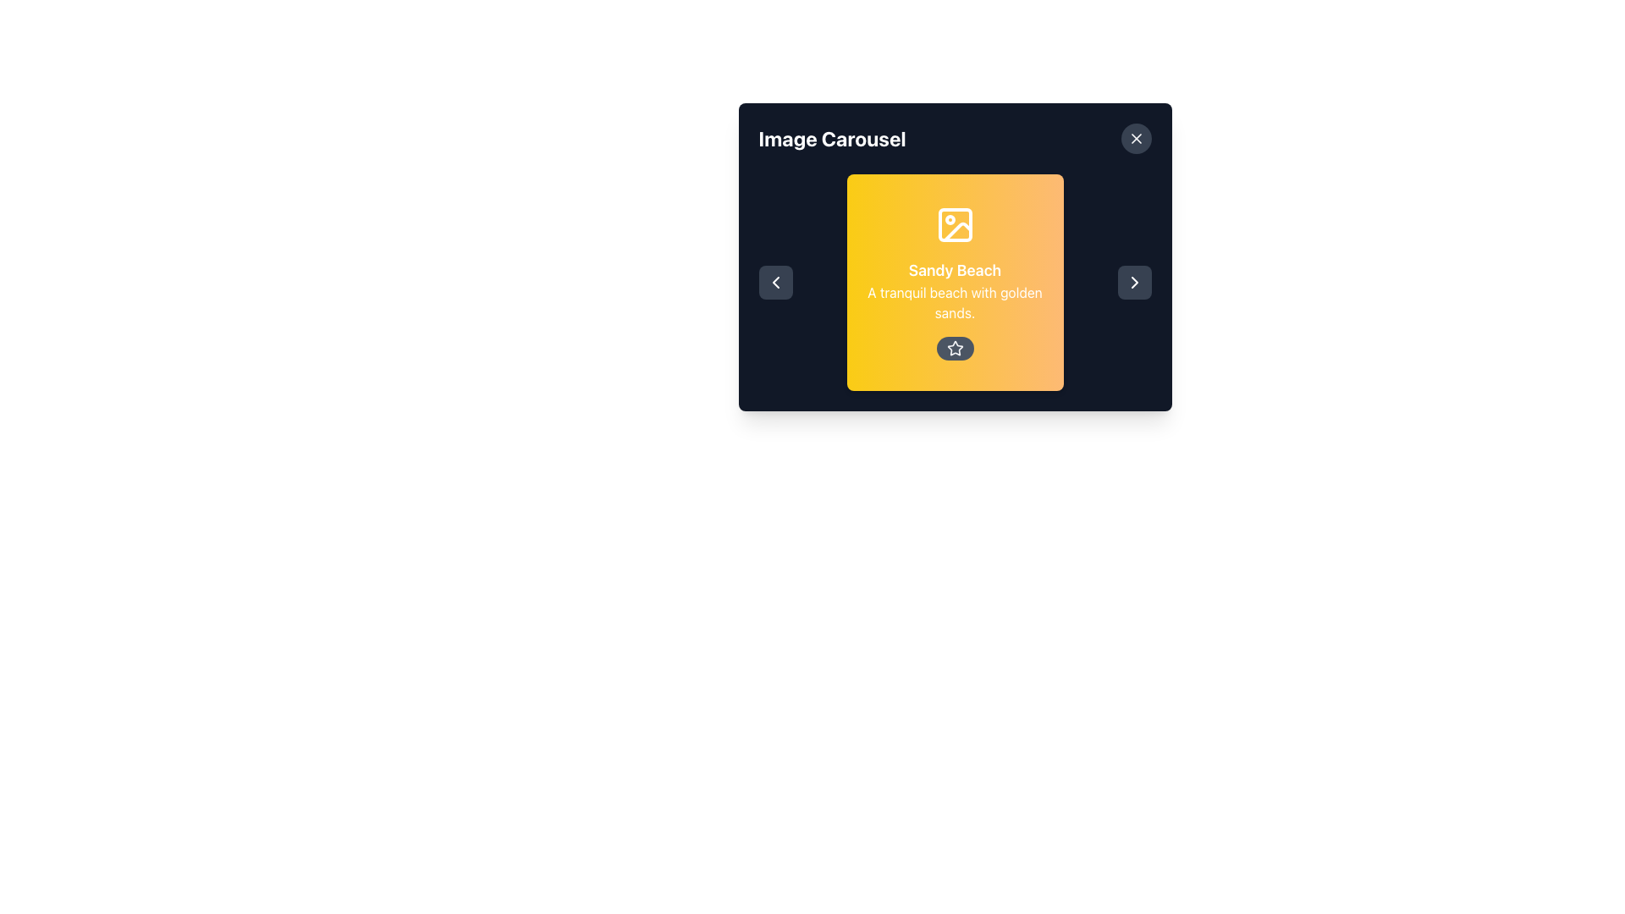 Image resolution: width=1625 pixels, height=914 pixels. What do you see at coordinates (1134, 282) in the screenshot?
I see `the navigation button located to the right of the carousel content display area` at bounding box center [1134, 282].